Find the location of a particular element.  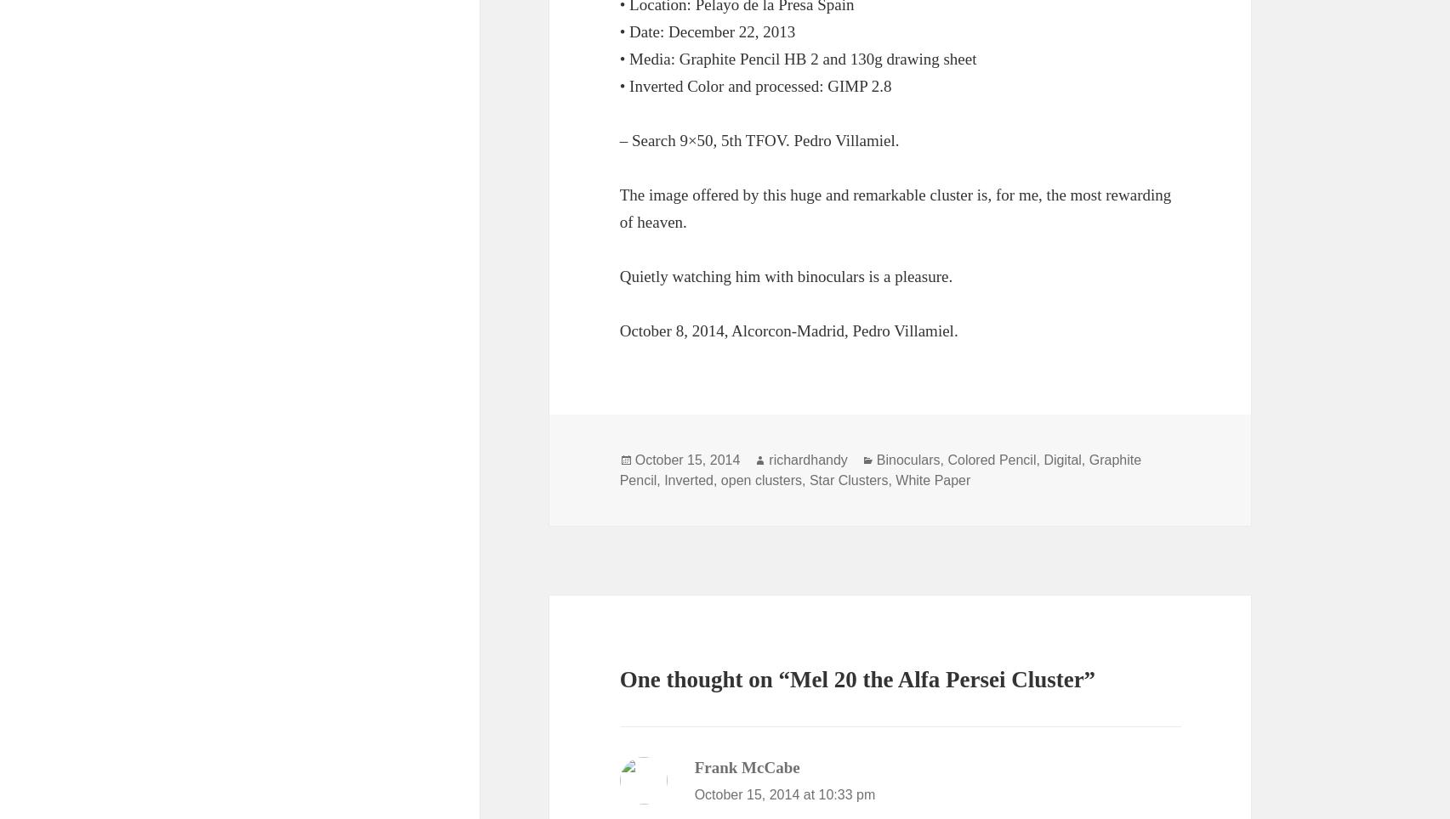

'• Inverted Color and processed: GIMP 2.8' is located at coordinates (753, 84).